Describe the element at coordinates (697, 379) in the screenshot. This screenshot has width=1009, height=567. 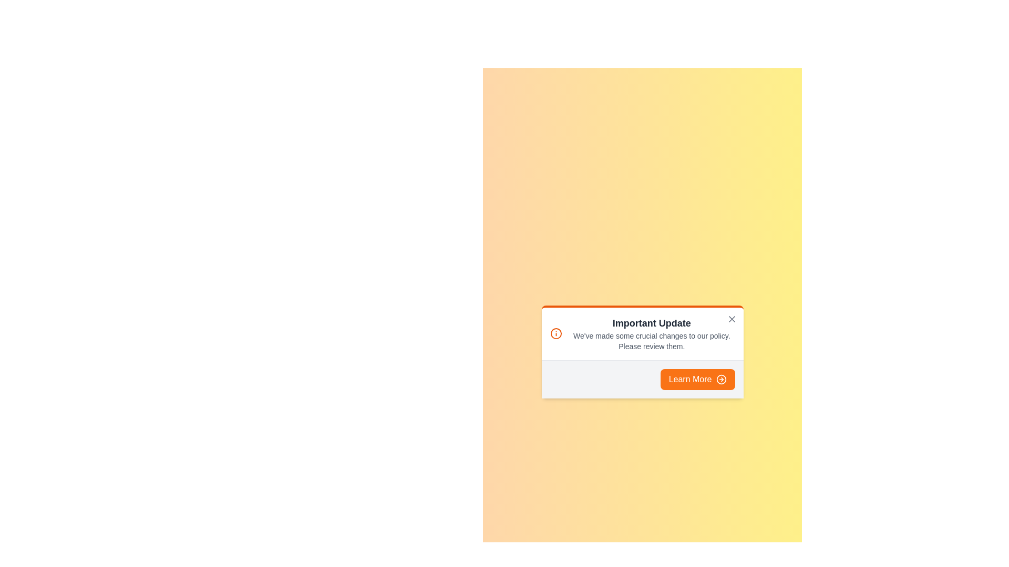
I see `the 'Learn More' button to trigger the redirection action` at that location.